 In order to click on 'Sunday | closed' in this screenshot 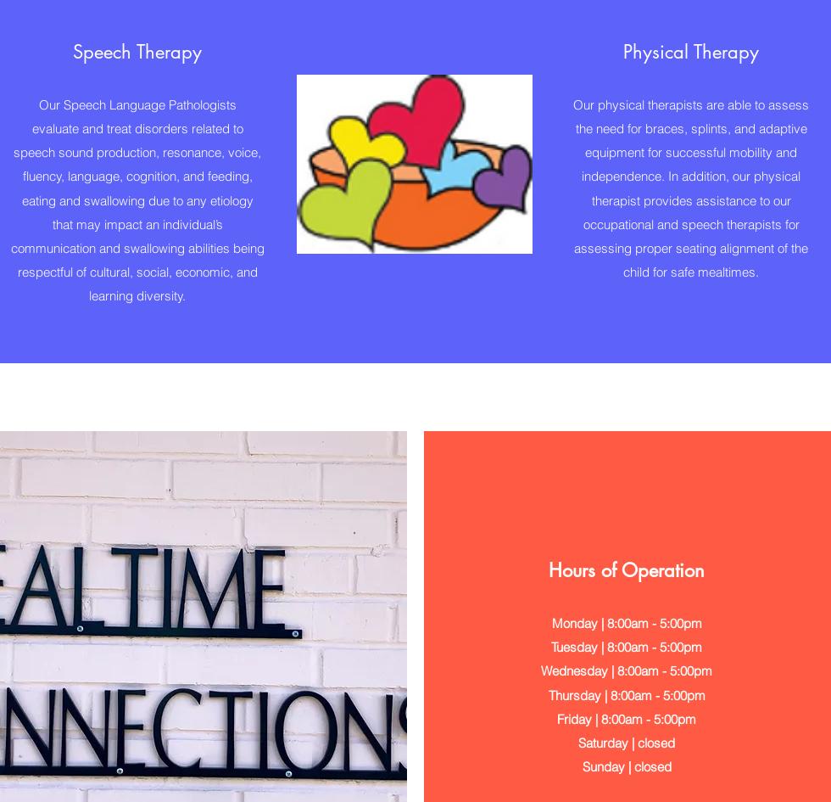, I will do `click(626, 765)`.